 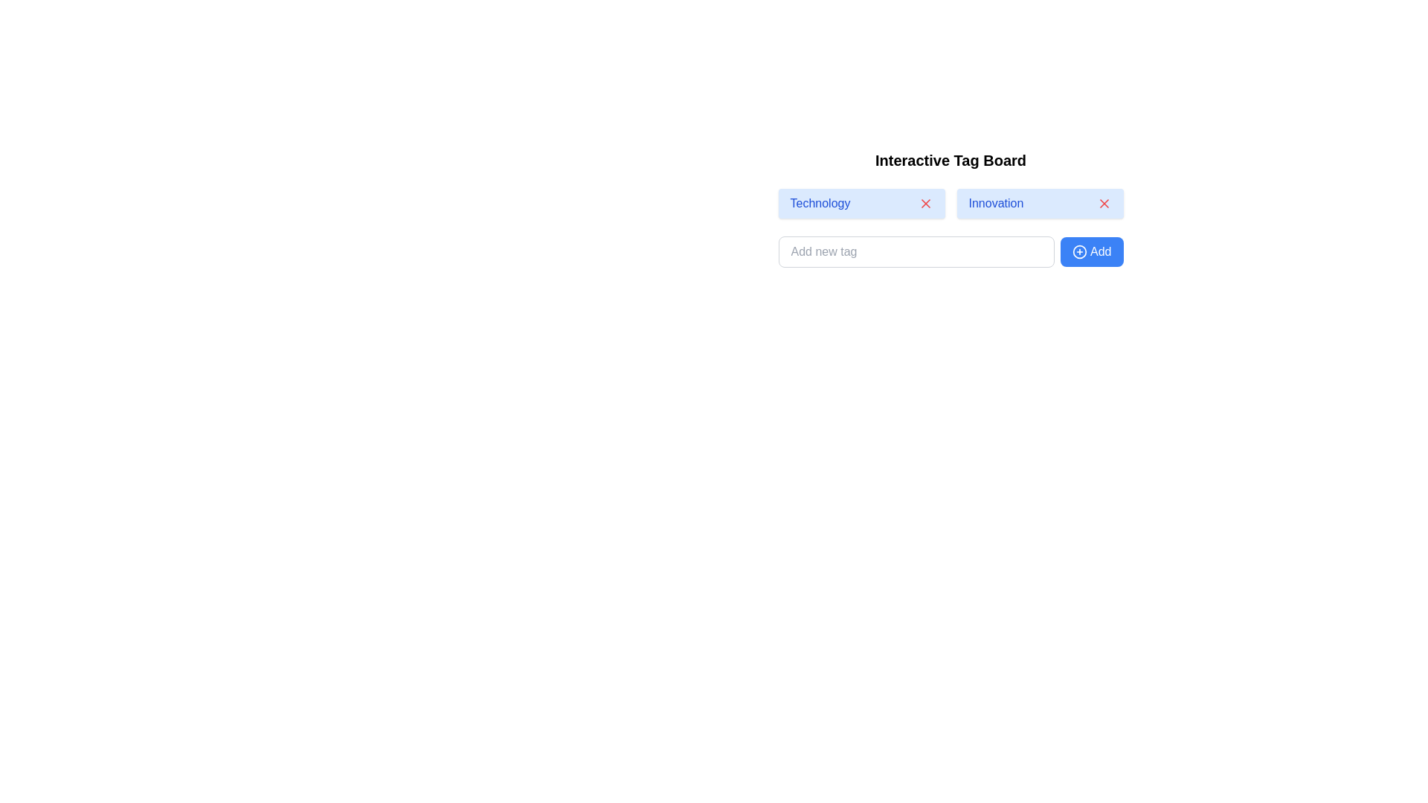 I want to click on the small red 'X' icon button located to the far right of the light blue rectangular tag labeled 'Innovation', so click(x=1104, y=203).